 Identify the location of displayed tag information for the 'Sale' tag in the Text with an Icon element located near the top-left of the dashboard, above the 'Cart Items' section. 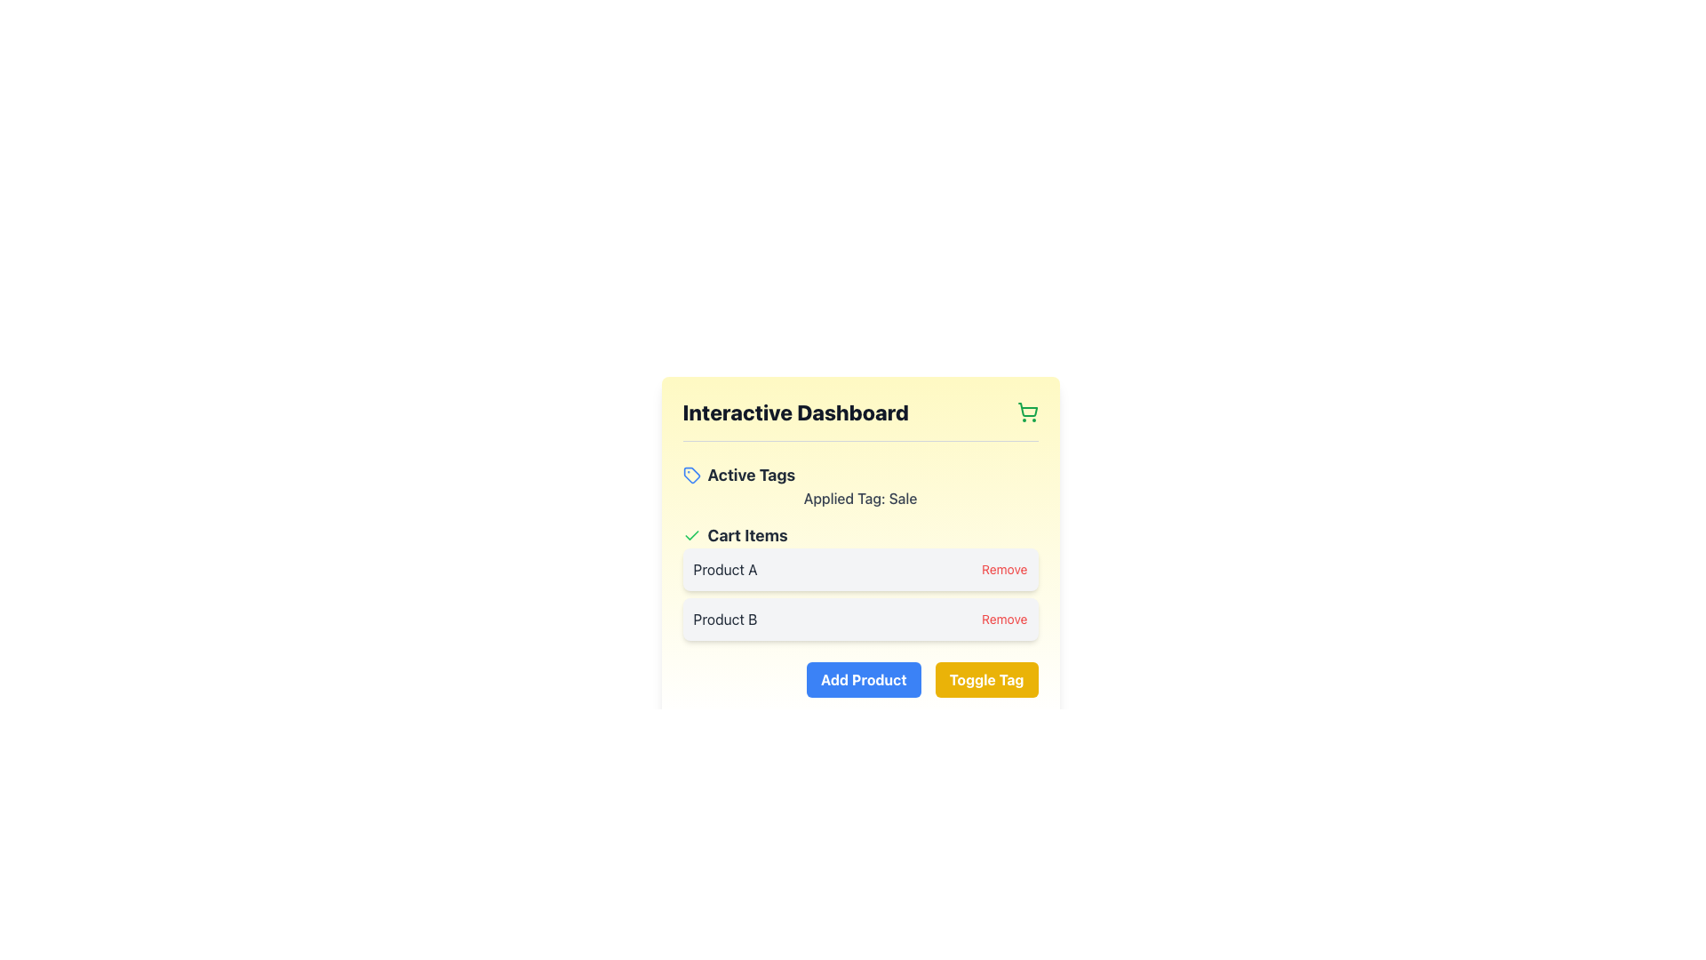
(860, 486).